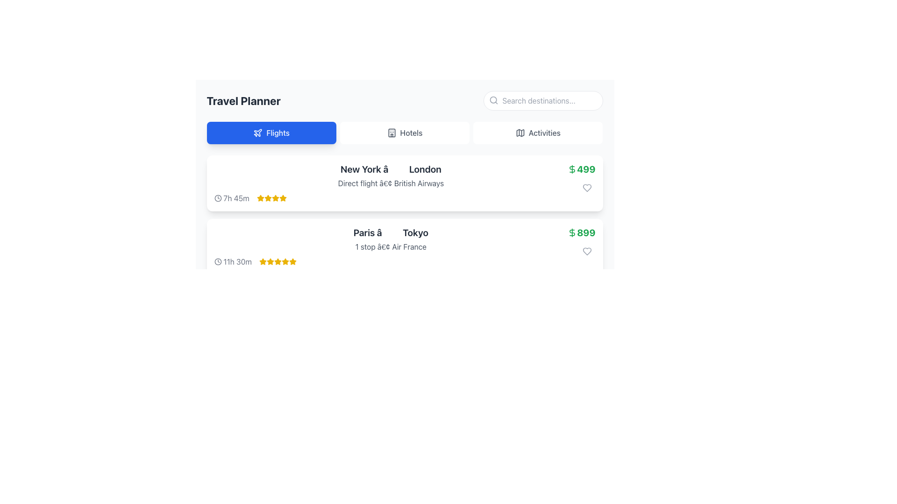 This screenshot has height=504, width=897. Describe the element at coordinates (586, 188) in the screenshot. I see `the favorite button` at that location.